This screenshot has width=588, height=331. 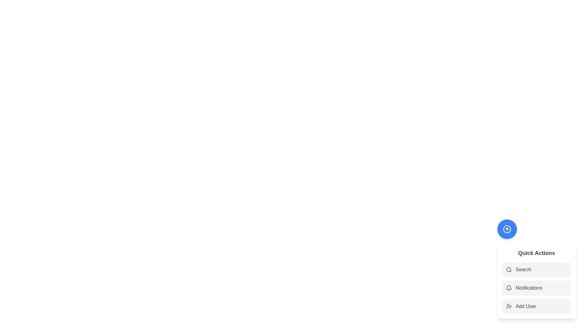 I want to click on the 'Add User' icon, which is a small user silhouette with a '+' symbol, located to the left of the 'Add User' label in the bottom-right corner of the interface, so click(x=509, y=306).